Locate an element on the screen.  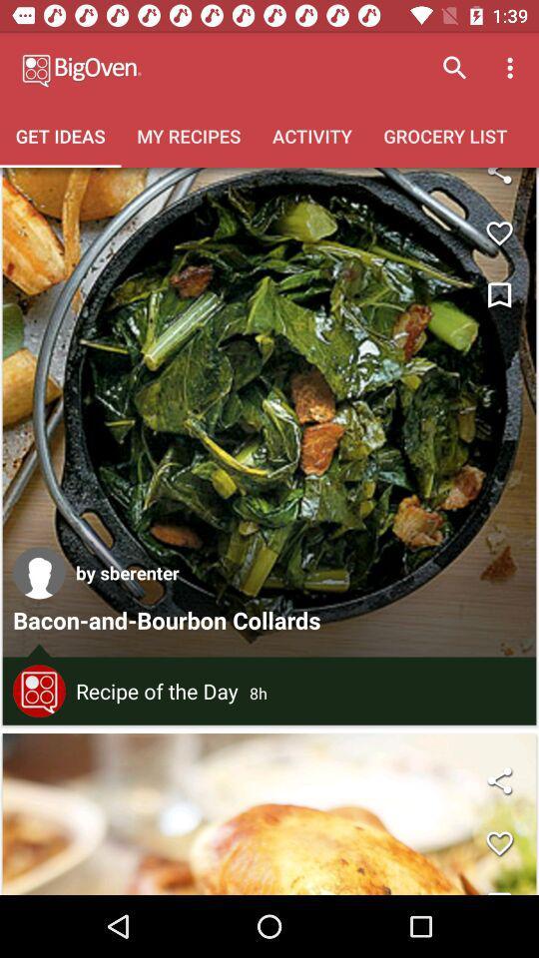
image page is located at coordinates (269, 814).